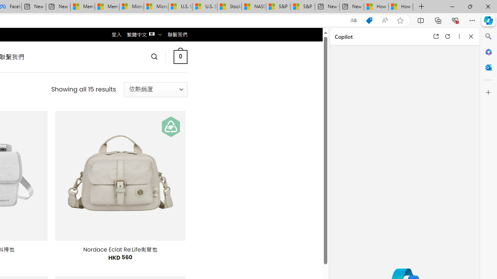 The image size is (497, 279). Describe the element at coordinates (471, 36) in the screenshot. I see `'Close'` at that location.